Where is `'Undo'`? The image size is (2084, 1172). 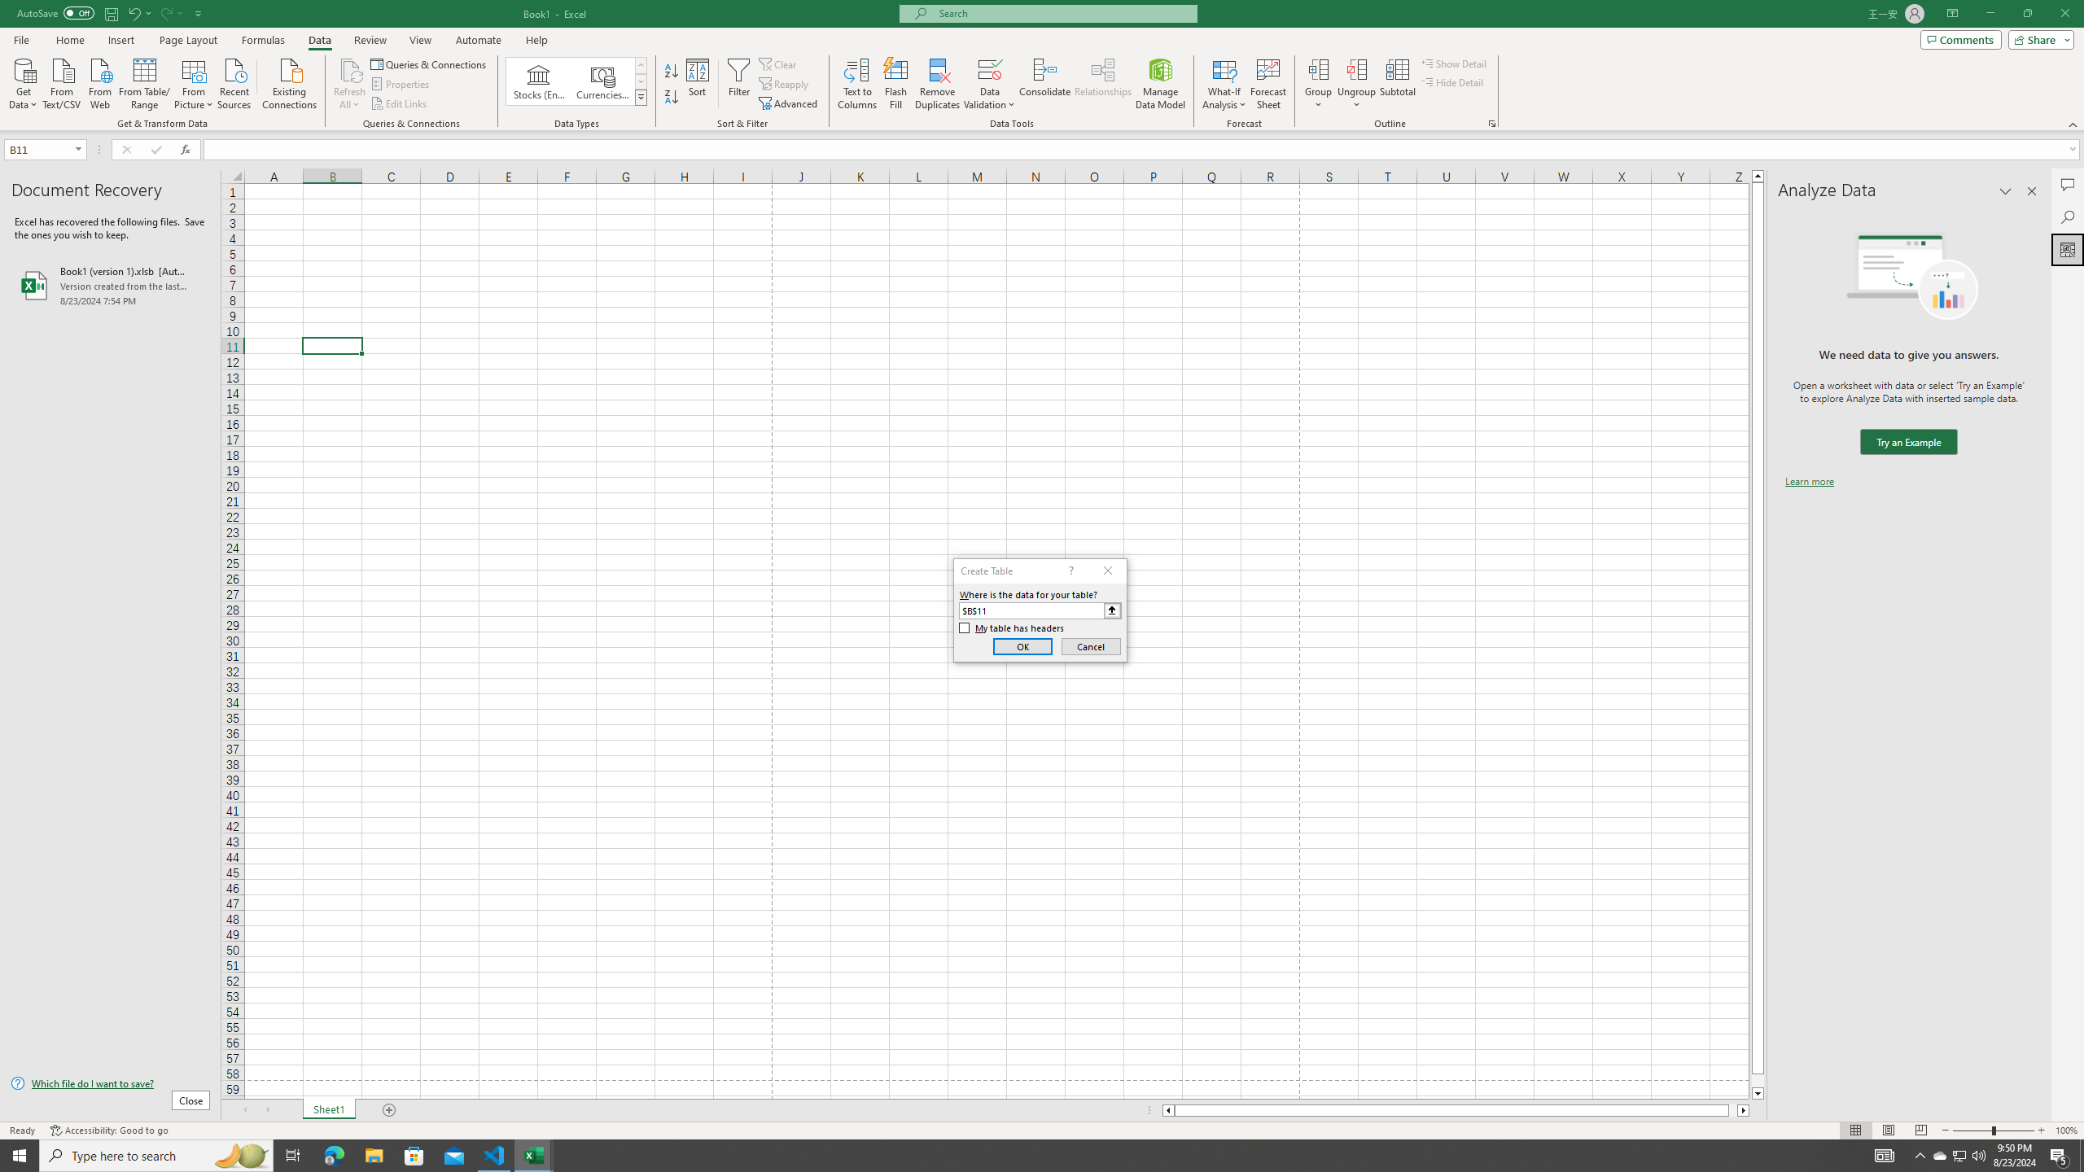
'Undo' is located at coordinates (133, 12).